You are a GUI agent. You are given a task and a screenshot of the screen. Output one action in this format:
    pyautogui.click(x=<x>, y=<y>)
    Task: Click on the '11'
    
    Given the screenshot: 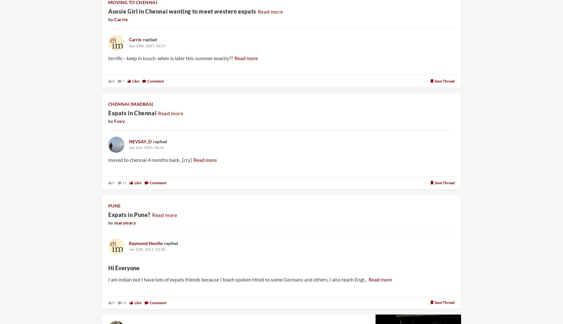 What is the action you would take?
    pyautogui.click(x=124, y=182)
    